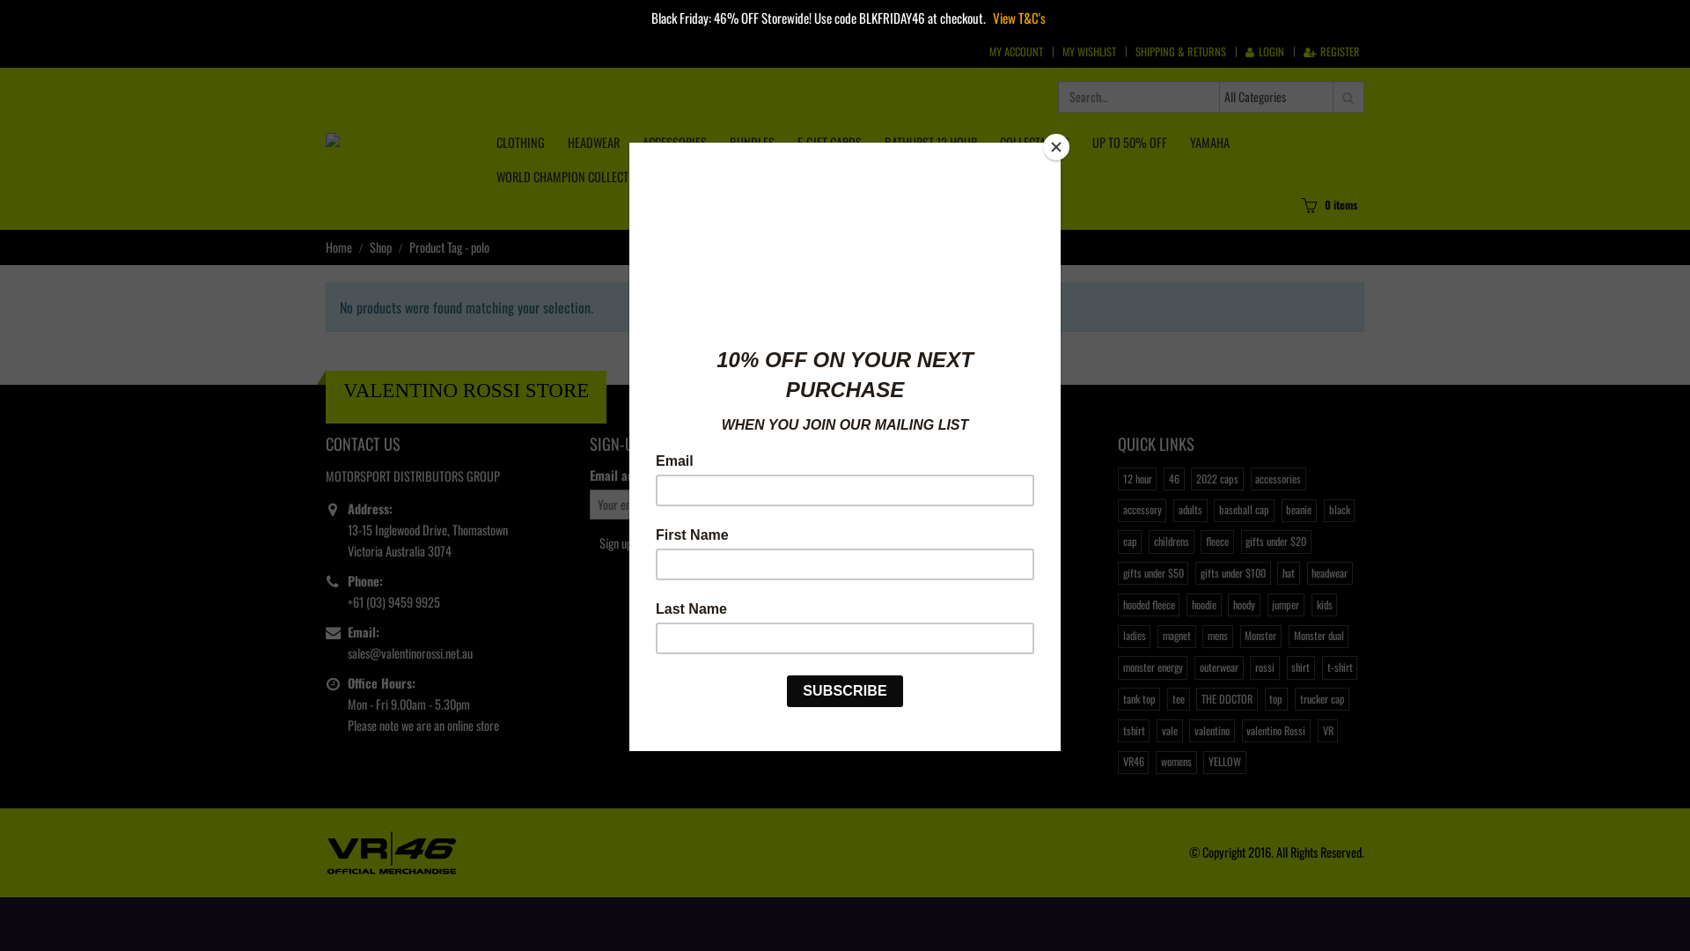  Describe the element at coordinates (1152, 667) in the screenshot. I see `'monster energy'` at that location.